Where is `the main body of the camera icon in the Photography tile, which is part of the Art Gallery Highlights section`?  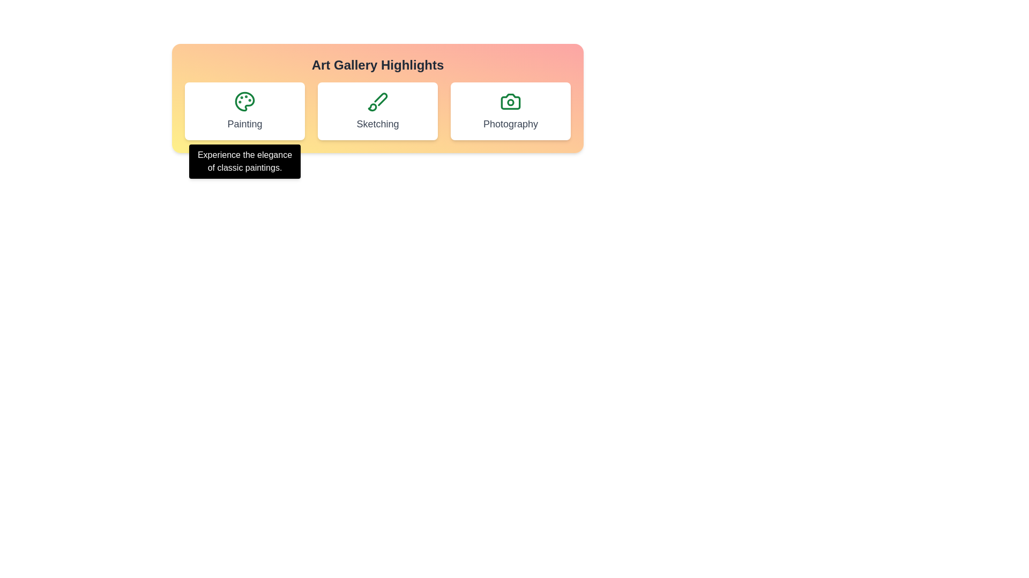 the main body of the camera icon in the Photography tile, which is part of the Art Gallery Highlights section is located at coordinates (510, 101).